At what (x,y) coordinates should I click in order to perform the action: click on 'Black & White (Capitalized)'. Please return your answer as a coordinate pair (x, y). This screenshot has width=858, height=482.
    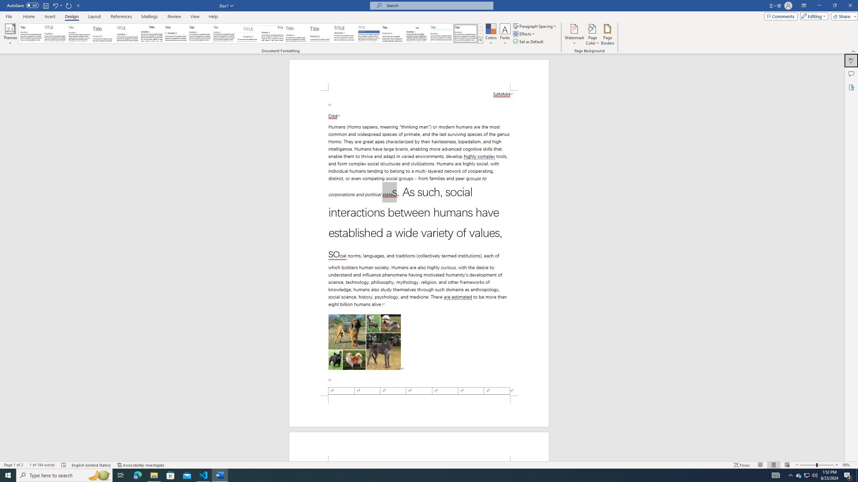
    Looking at the image, I should click on (127, 33).